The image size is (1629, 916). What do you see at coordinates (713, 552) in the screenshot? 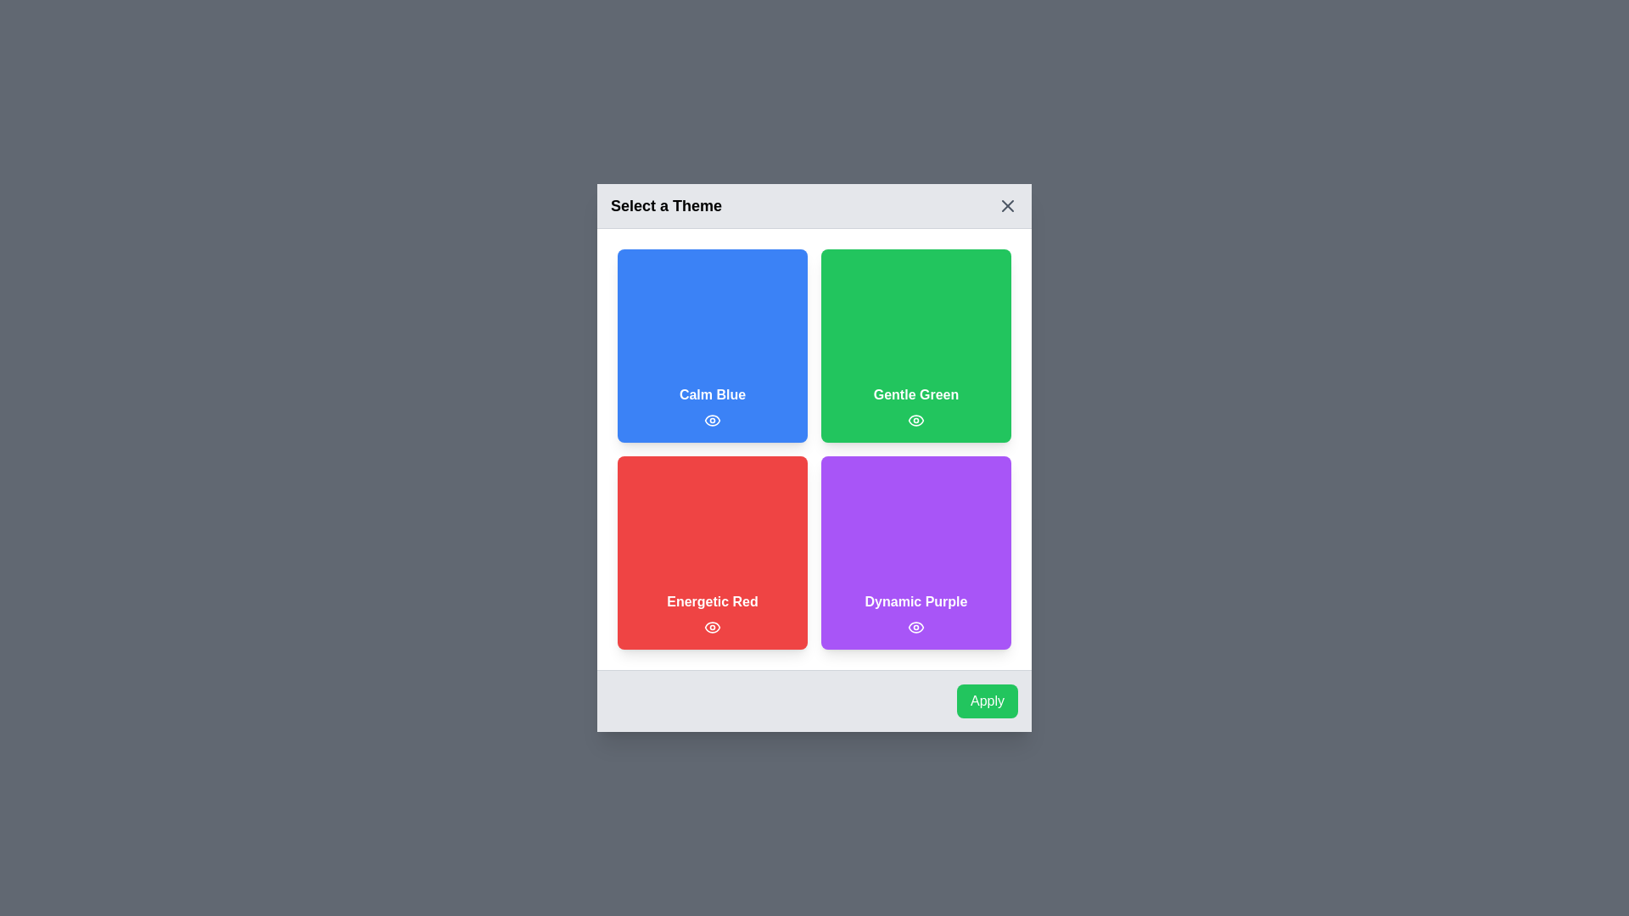
I see `the theme Energetic Red by clicking on its respective area` at bounding box center [713, 552].